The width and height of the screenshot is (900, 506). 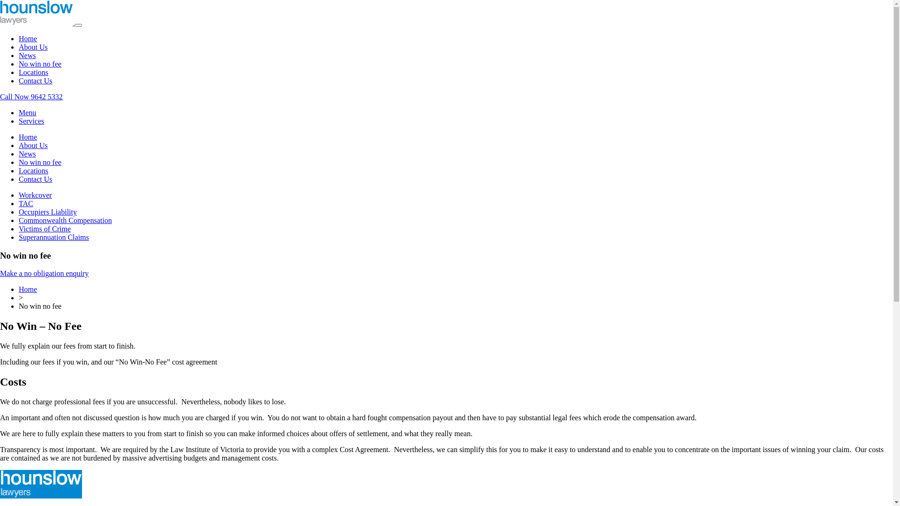 I want to click on 'Superannuation Claims', so click(x=53, y=237).